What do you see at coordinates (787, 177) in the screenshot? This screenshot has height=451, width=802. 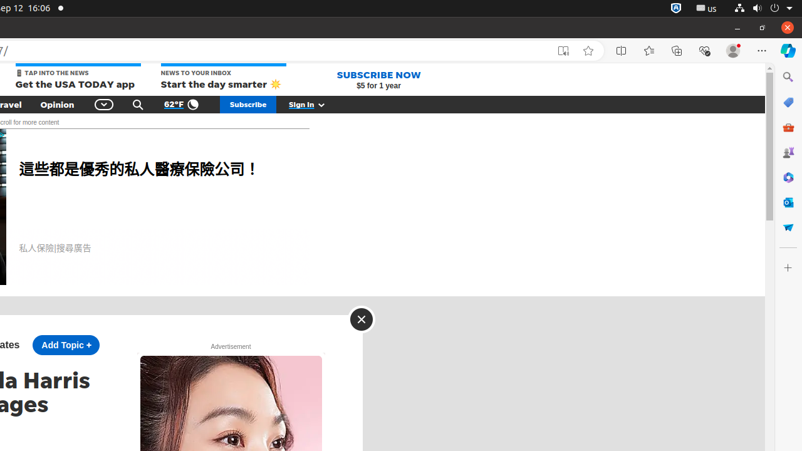 I see `'Microsoft 365'` at bounding box center [787, 177].